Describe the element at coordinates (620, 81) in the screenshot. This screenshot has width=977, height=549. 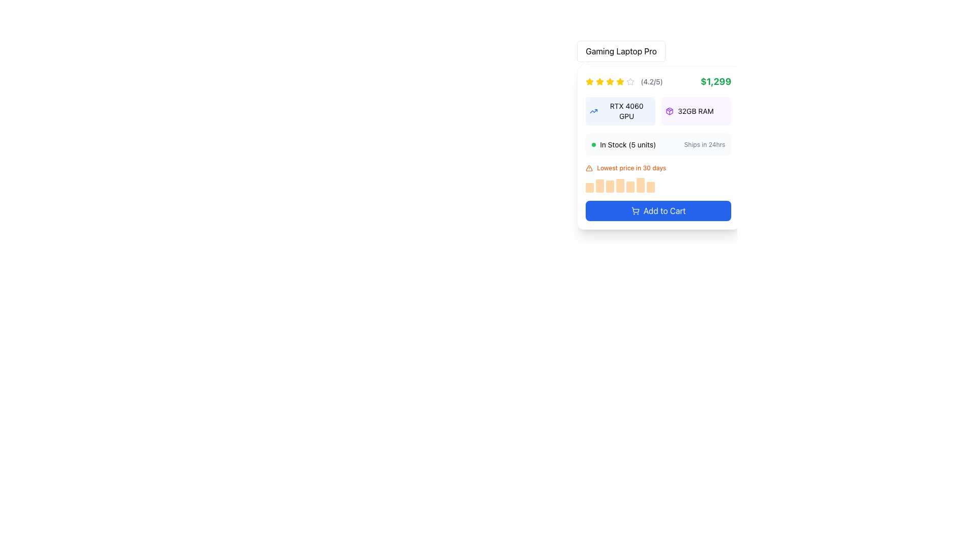
I see `the fourth star in the yellow star rating icon, which is part of a horizontal rating control located near the top-left area of the main content card` at that location.